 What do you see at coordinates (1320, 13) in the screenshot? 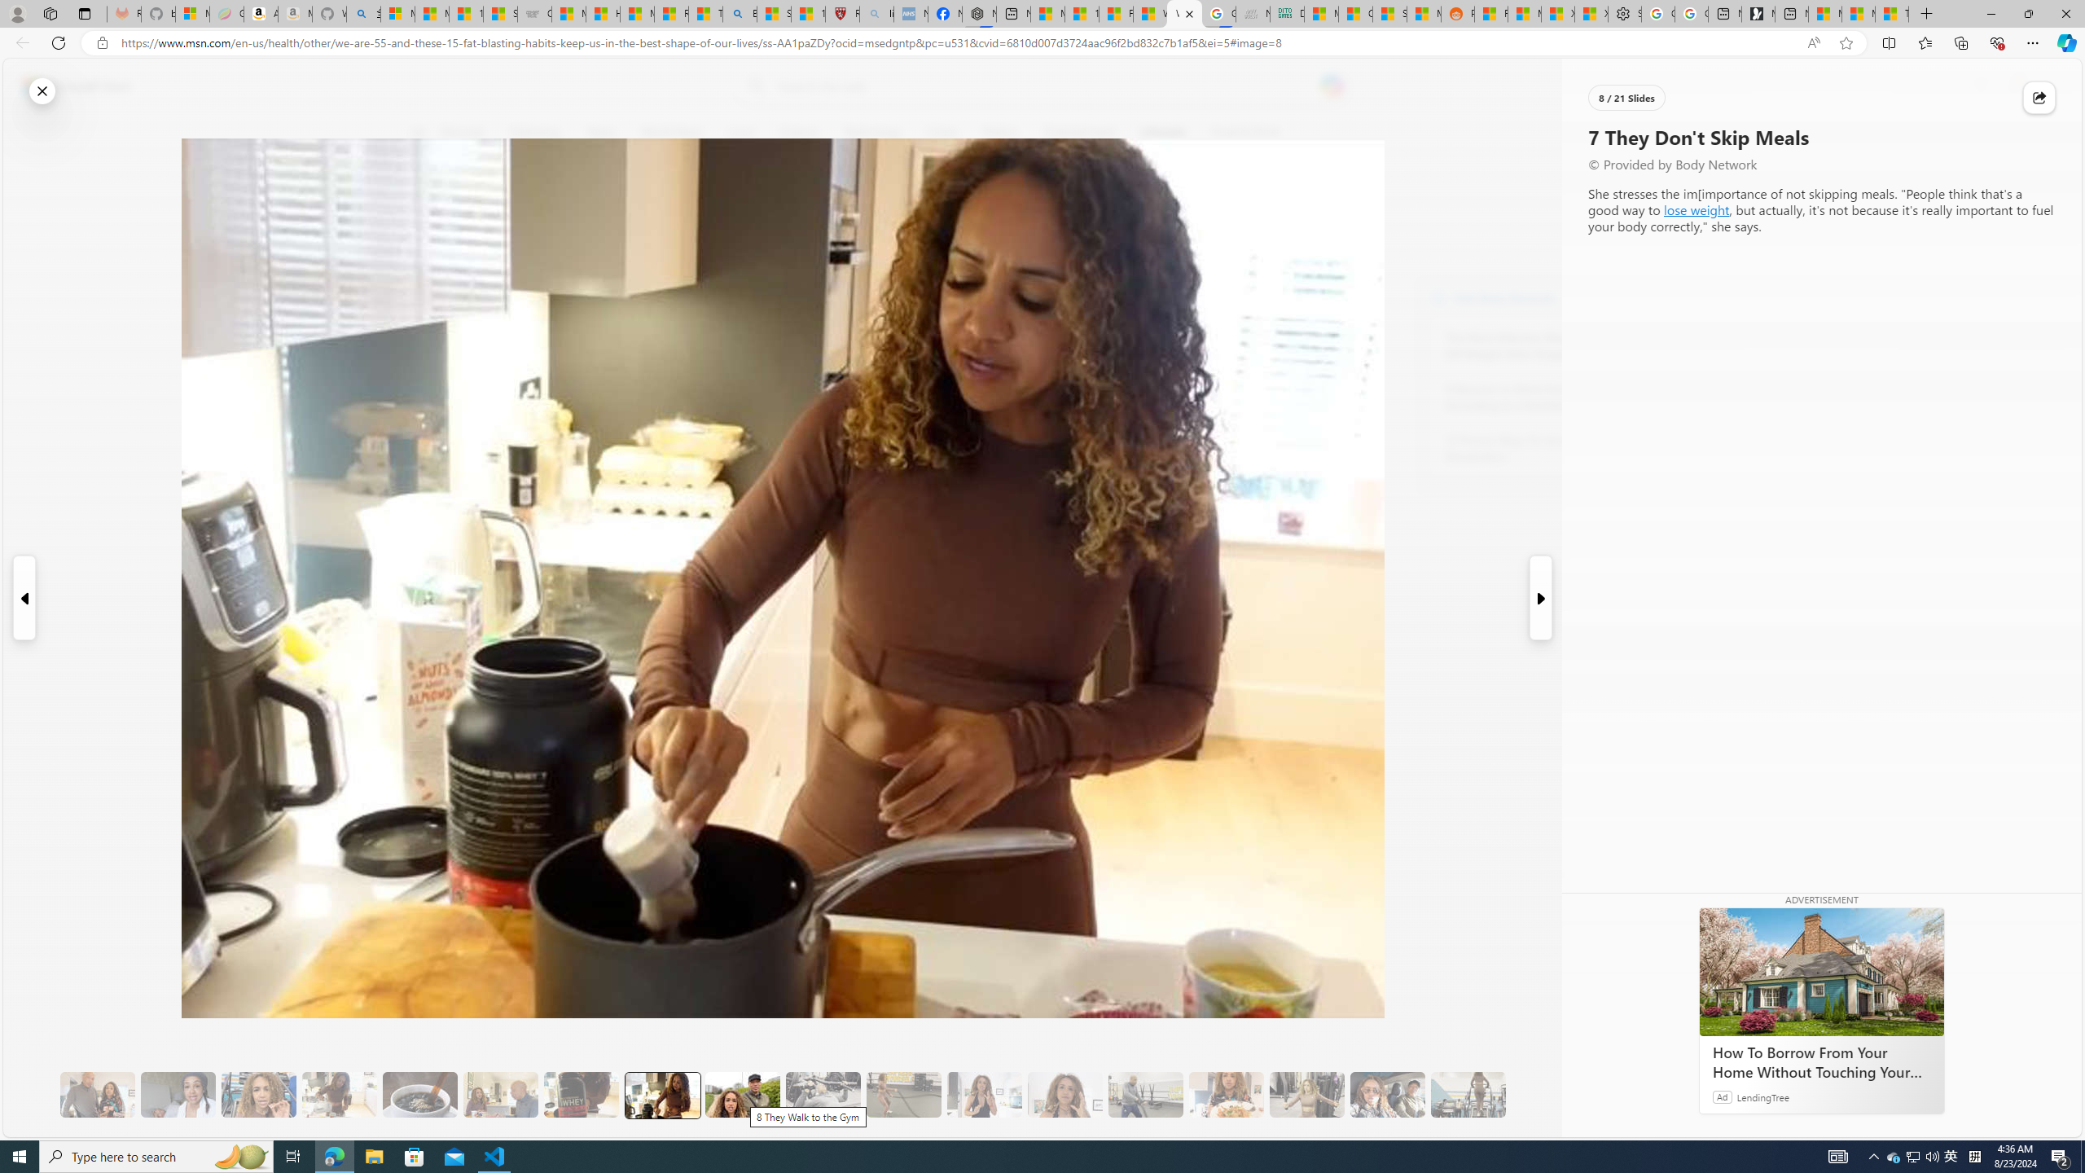
I see `'MSNBC - MSN'` at bounding box center [1320, 13].